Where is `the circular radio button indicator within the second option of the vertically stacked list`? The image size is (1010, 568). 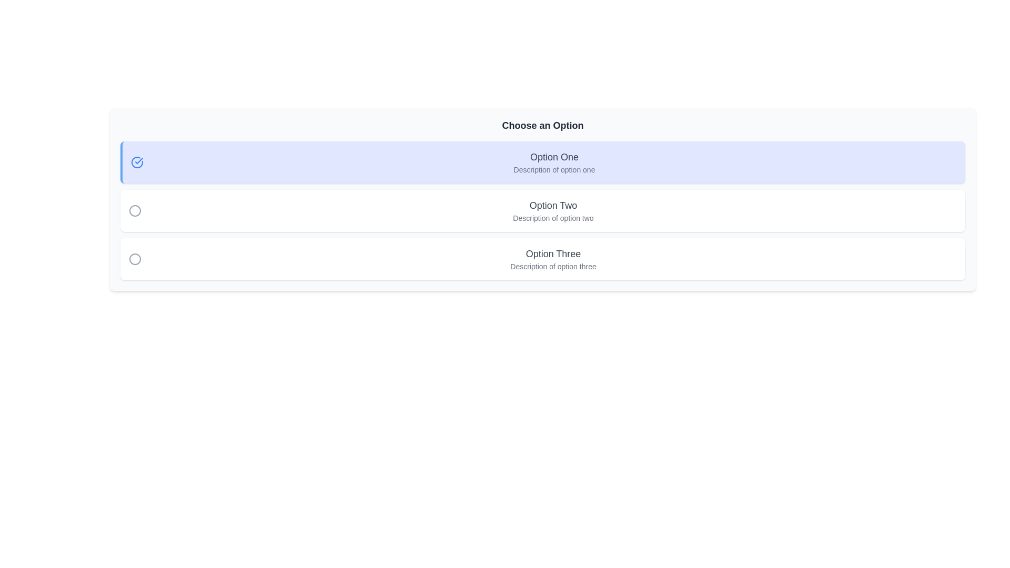
the circular radio button indicator within the second option of the vertically stacked list is located at coordinates (135, 211).